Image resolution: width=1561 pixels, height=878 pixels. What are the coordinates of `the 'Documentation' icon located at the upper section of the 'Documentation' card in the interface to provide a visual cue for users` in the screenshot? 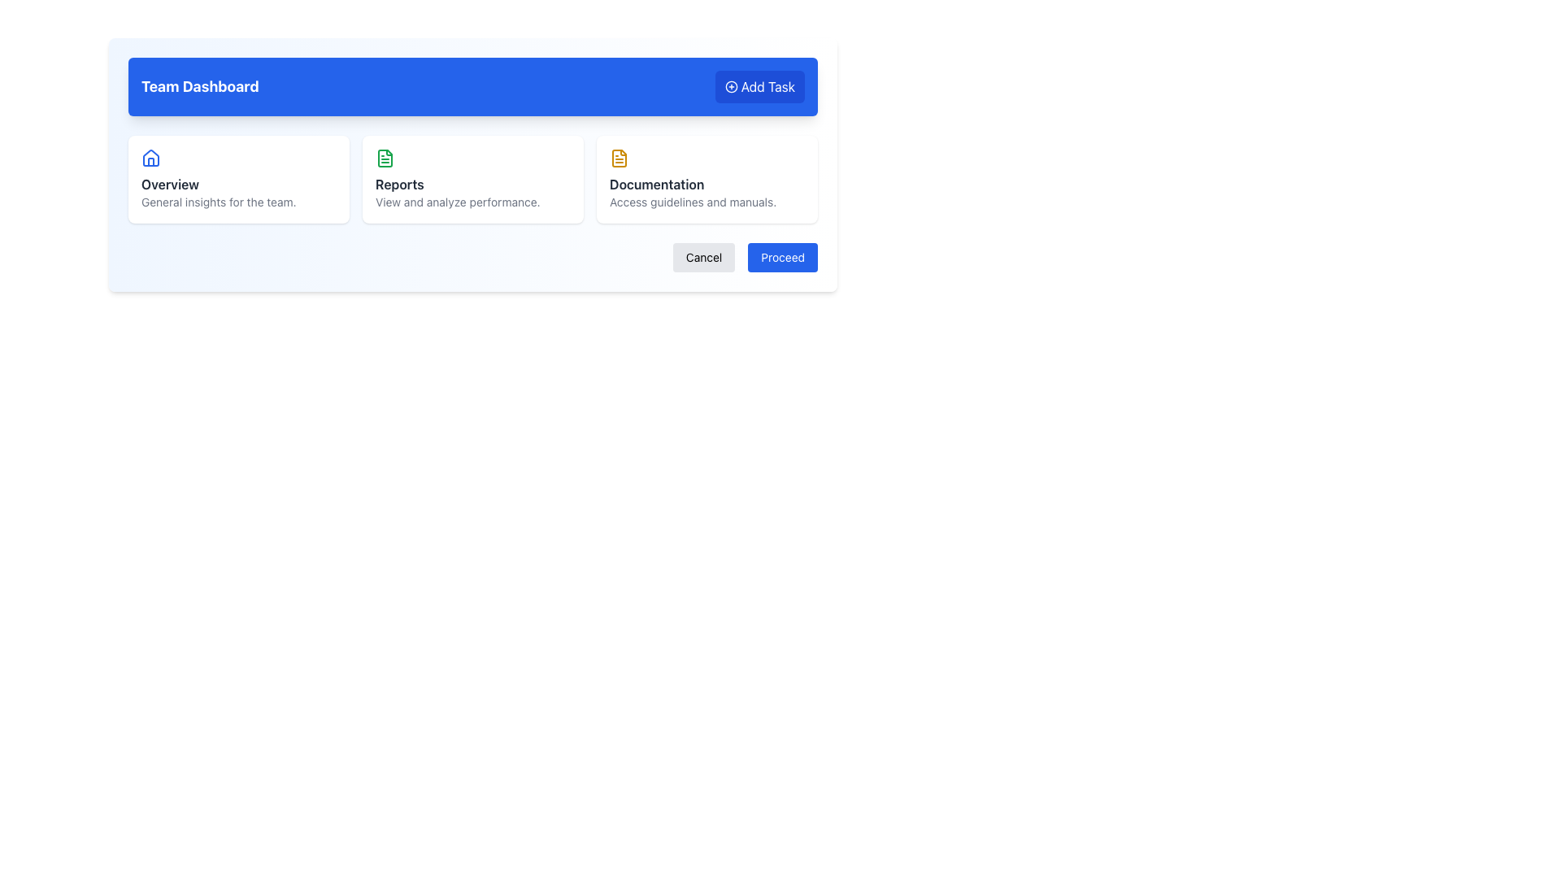 It's located at (619, 159).